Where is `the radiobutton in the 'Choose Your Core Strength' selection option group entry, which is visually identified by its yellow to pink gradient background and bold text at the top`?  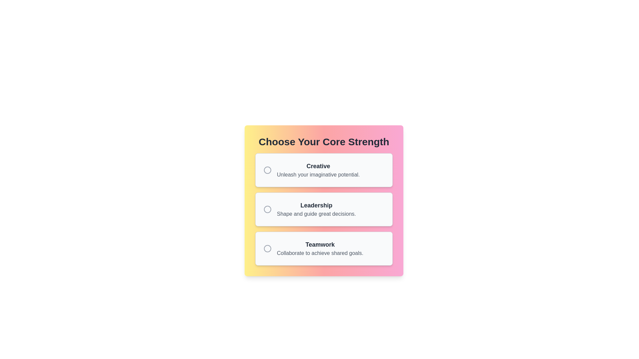
the radiobutton in the 'Choose Your Core Strength' selection option group entry, which is visually identified by its yellow to pink gradient background and bold text at the top is located at coordinates (324, 200).